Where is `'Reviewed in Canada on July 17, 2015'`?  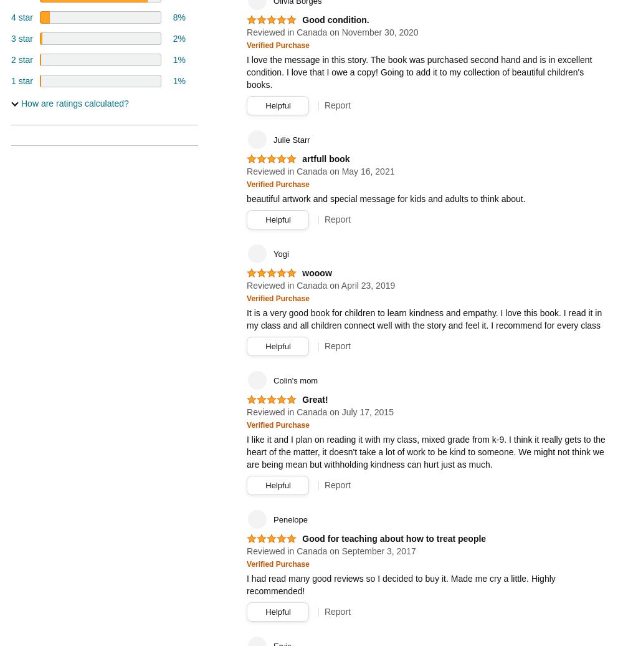
'Reviewed in Canada on July 17, 2015' is located at coordinates (320, 412).